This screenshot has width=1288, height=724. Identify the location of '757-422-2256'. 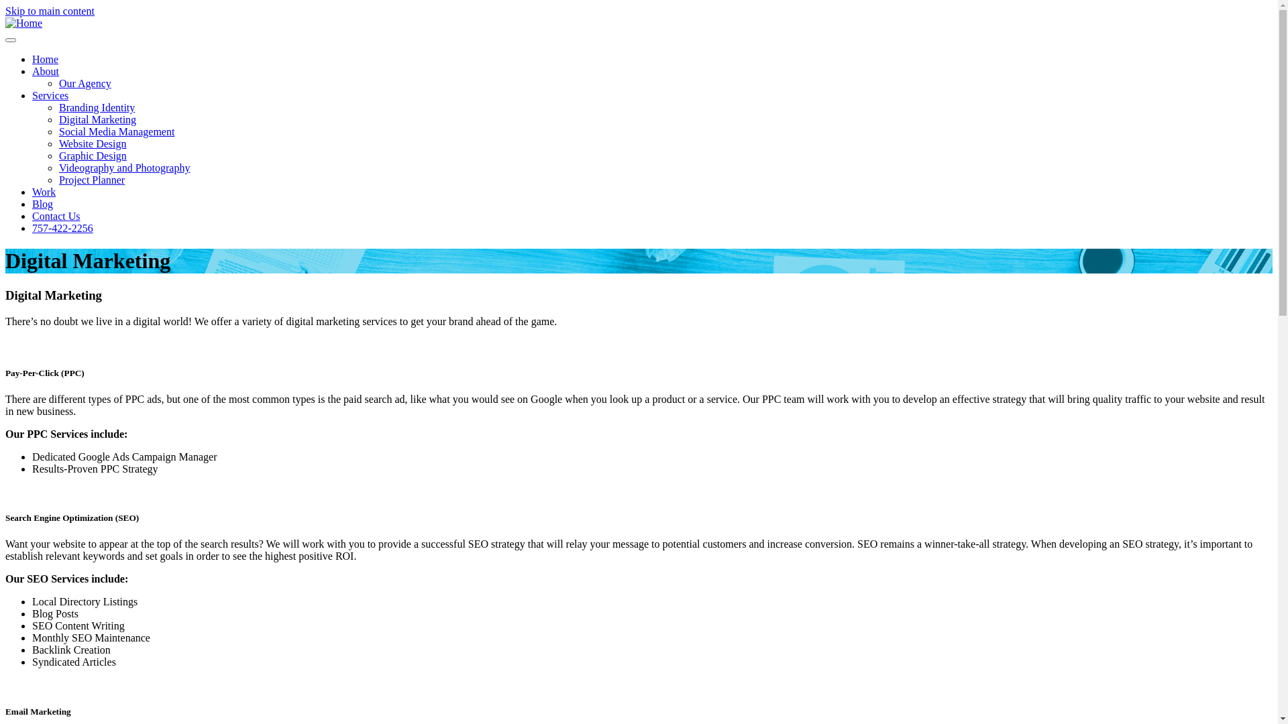
(62, 227).